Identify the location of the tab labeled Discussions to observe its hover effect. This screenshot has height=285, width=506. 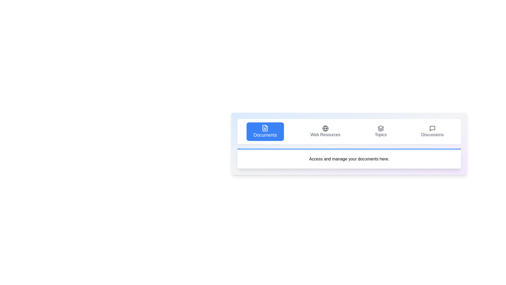
(432, 131).